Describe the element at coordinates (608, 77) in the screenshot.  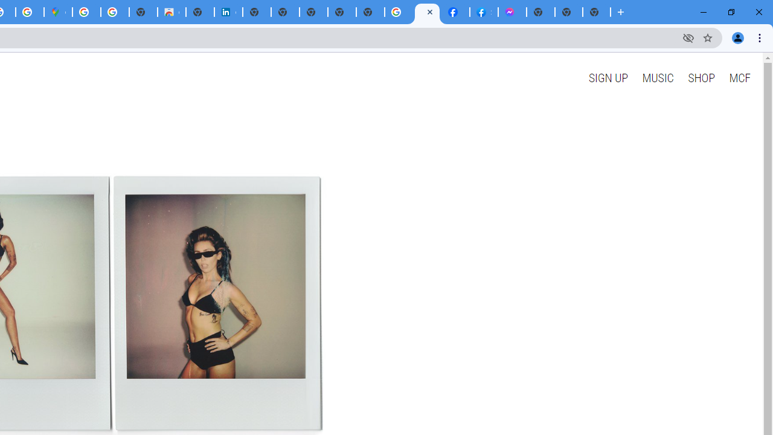
I see `'SIGN UP'` at that location.